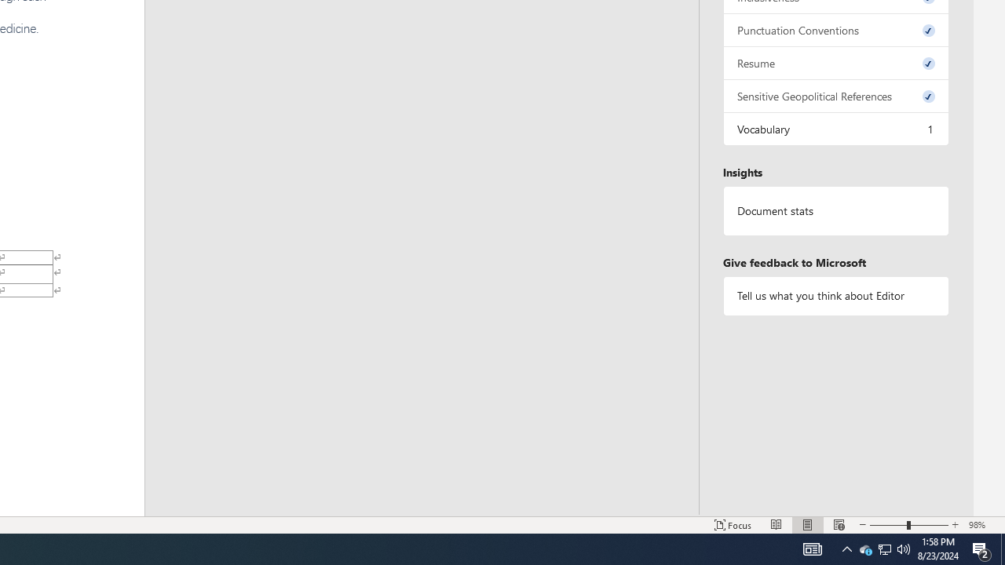 The width and height of the screenshot is (1005, 565). Describe the element at coordinates (835, 128) in the screenshot. I see `'Vocabulary, 1 issue. Press space or enter to review items.'` at that location.